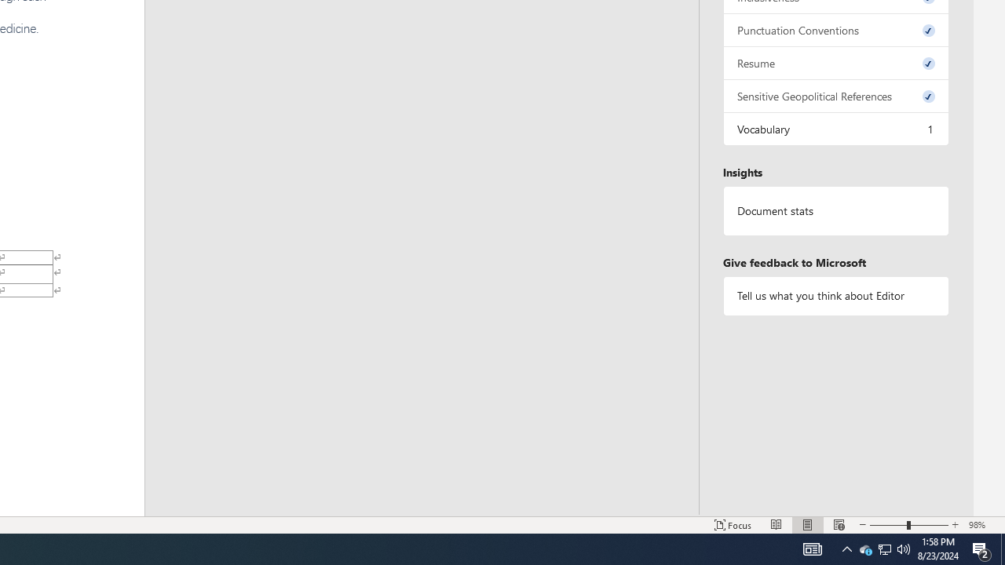 The width and height of the screenshot is (1005, 565). Describe the element at coordinates (835, 128) in the screenshot. I see `'Vocabulary, 1 issue. Press space or enter to review items.'` at that location.